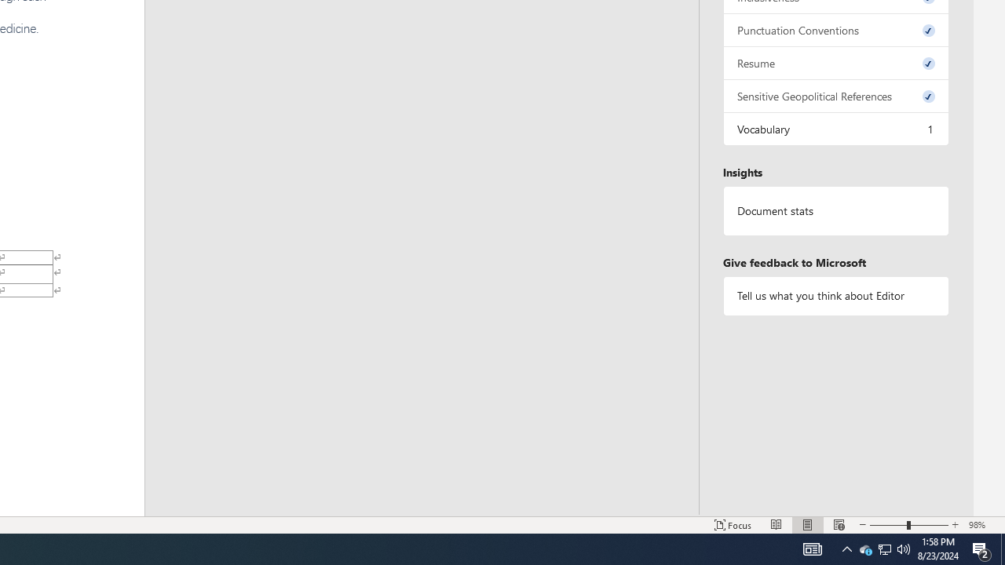 The width and height of the screenshot is (1005, 565). Describe the element at coordinates (835, 128) in the screenshot. I see `'Vocabulary, 1 issue. Press space or enter to review items.'` at that location.